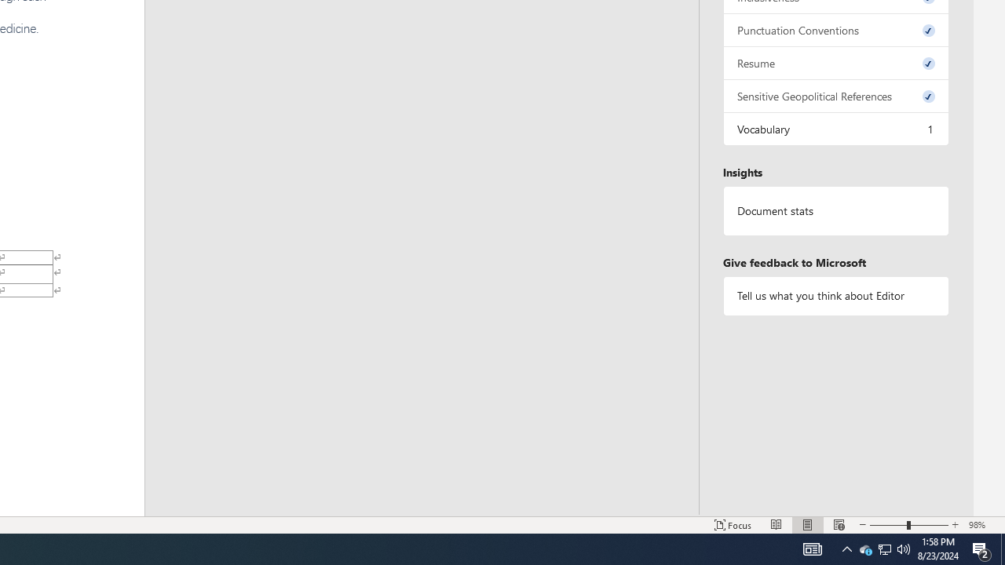 The width and height of the screenshot is (1005, 565). Describe the element at coordinates (835, 128) in the screenshot. I see `'Vocabulary, 1 issue. Press space or enter to review items.'` at that location.